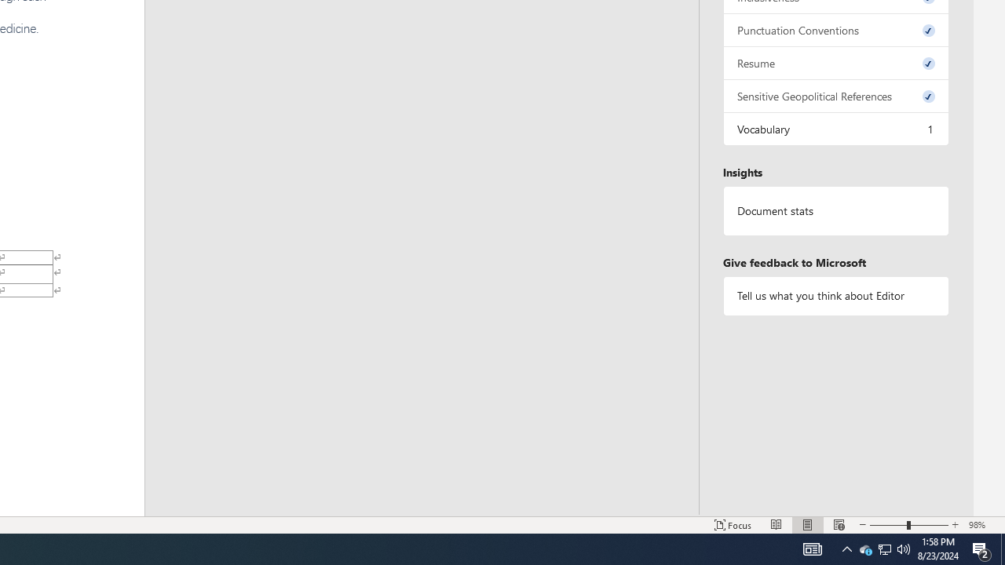 The width and height of the screenshot is (1005, 565). Describe the element at coordinates (835, 128) in the screenshot. I see `'Vocabulary, 1 issue. Press space or enter to review items.'` at that location.